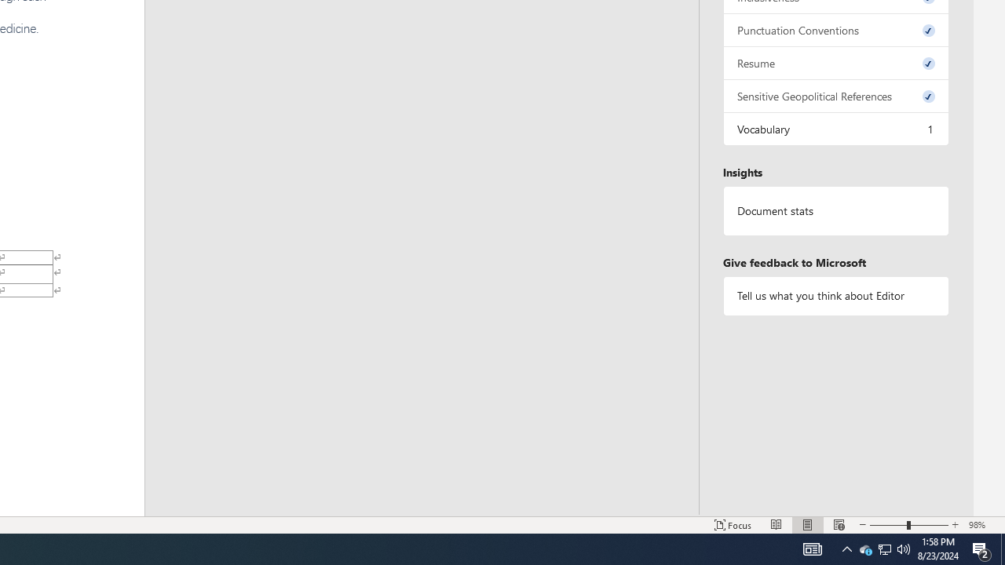 The width and height of the screenshot is (1005, 565). Describe the element at coordinates (835, 128) in the screenshot. I see `'Vocabulary, 1 issue. Press space or enter to review items.'` at that location.